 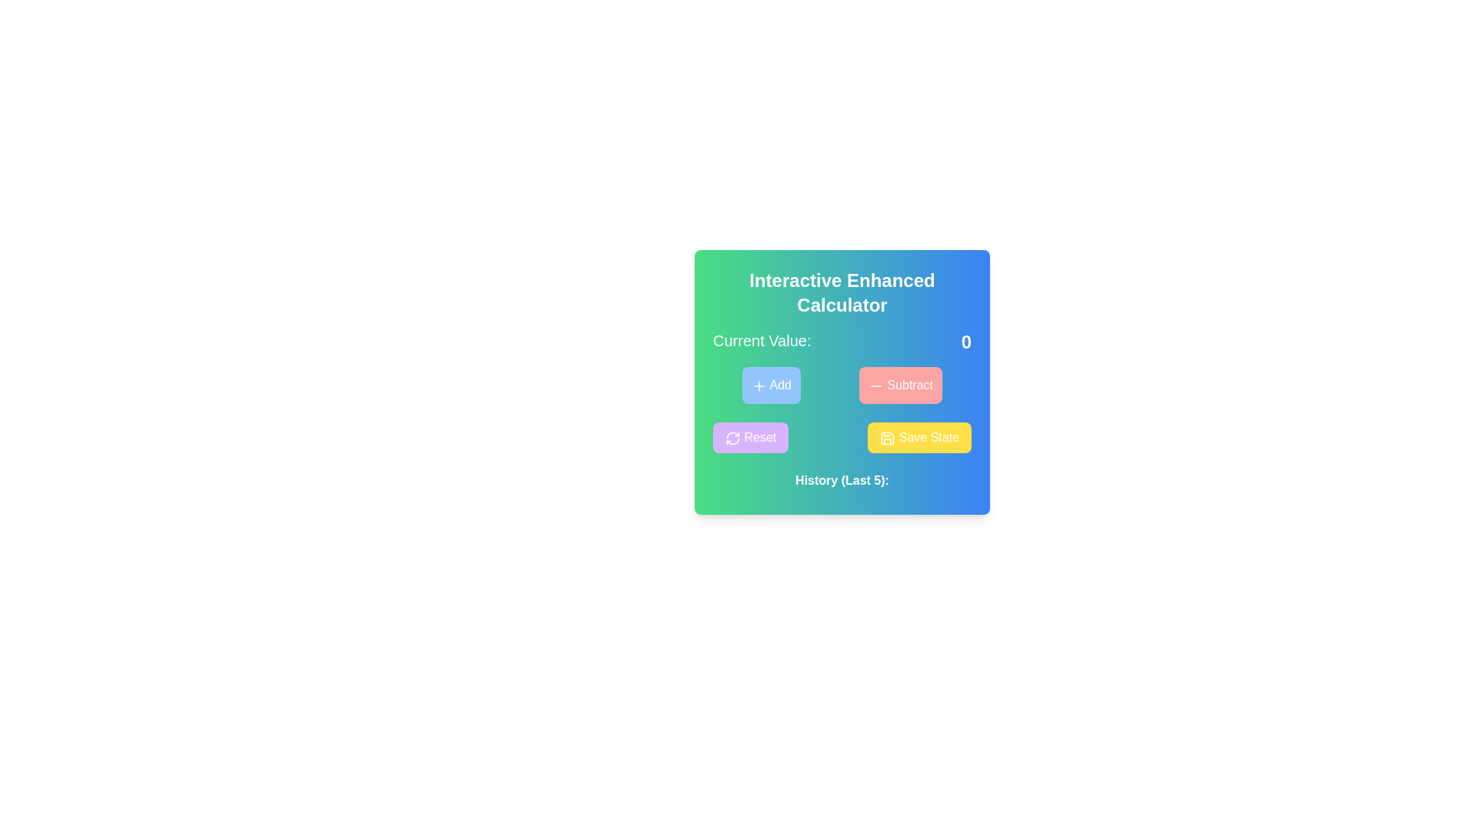 What do you see at coordinates (841, 479) in the screenshot?
I see `text label that serves as a header for the last 5 entries of the history or log, located at the bottom of the card interface above the listed items` at bounding box center [841, 479].